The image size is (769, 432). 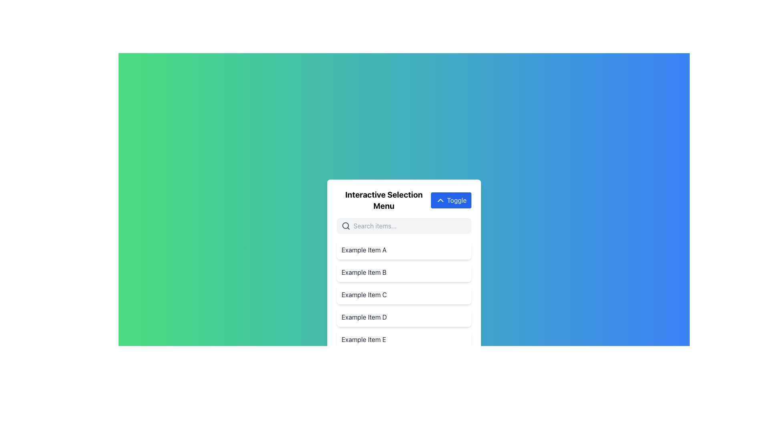 I want to click on text label 'Example Item C' which is styled with a gray text class and located in a white rectangular area as the third item in a vertically stacked list, so click(x=364, y=294).